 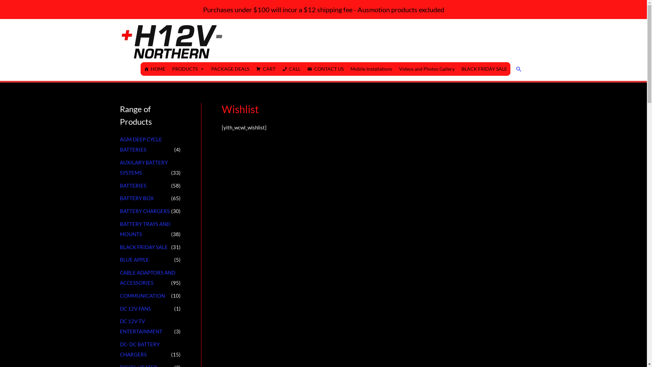 What do you see at coordinates (154, 69) in the screenshot?
I see `'HOME'` at bounding box center [154, 69].